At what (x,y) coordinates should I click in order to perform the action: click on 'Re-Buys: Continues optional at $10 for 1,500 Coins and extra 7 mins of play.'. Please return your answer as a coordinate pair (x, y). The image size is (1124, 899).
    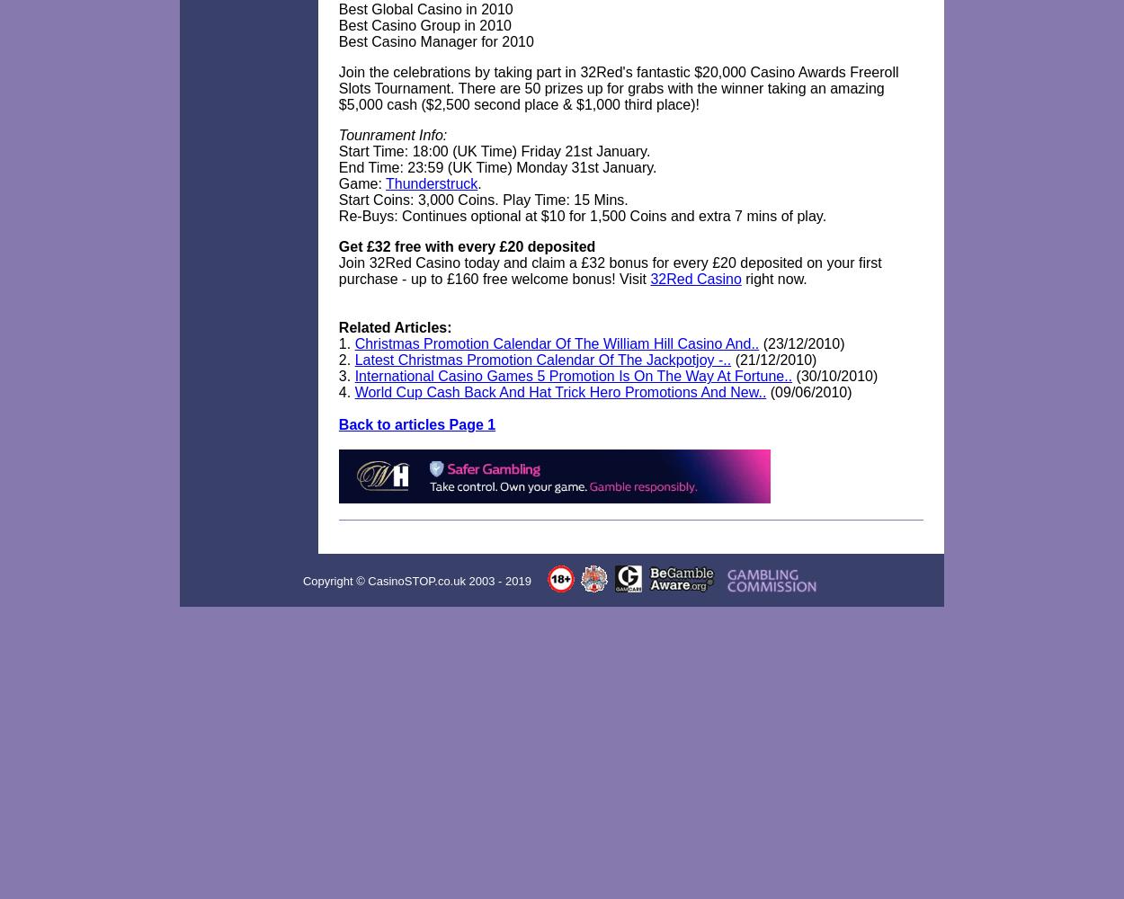
    Looking at the image, I should click on (582, 215).